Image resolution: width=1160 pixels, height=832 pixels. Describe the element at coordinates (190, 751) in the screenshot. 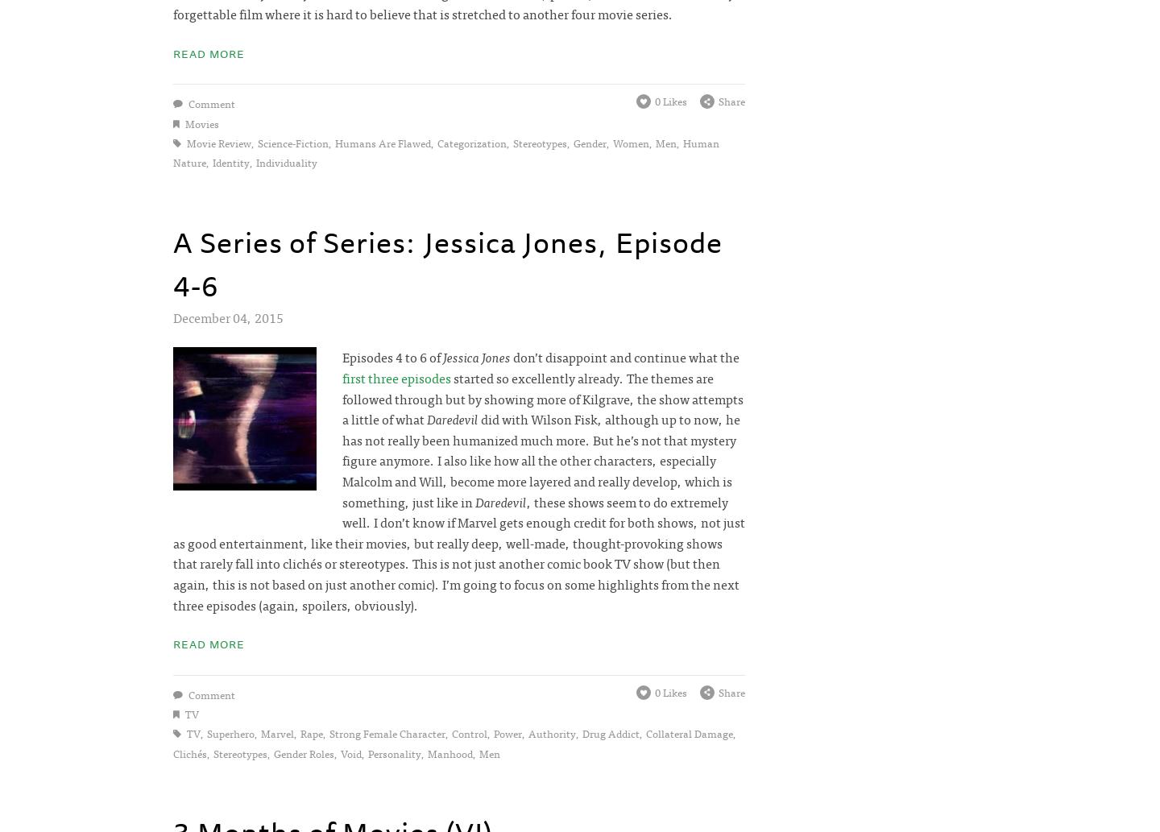

I see `'clichés'` at that location.